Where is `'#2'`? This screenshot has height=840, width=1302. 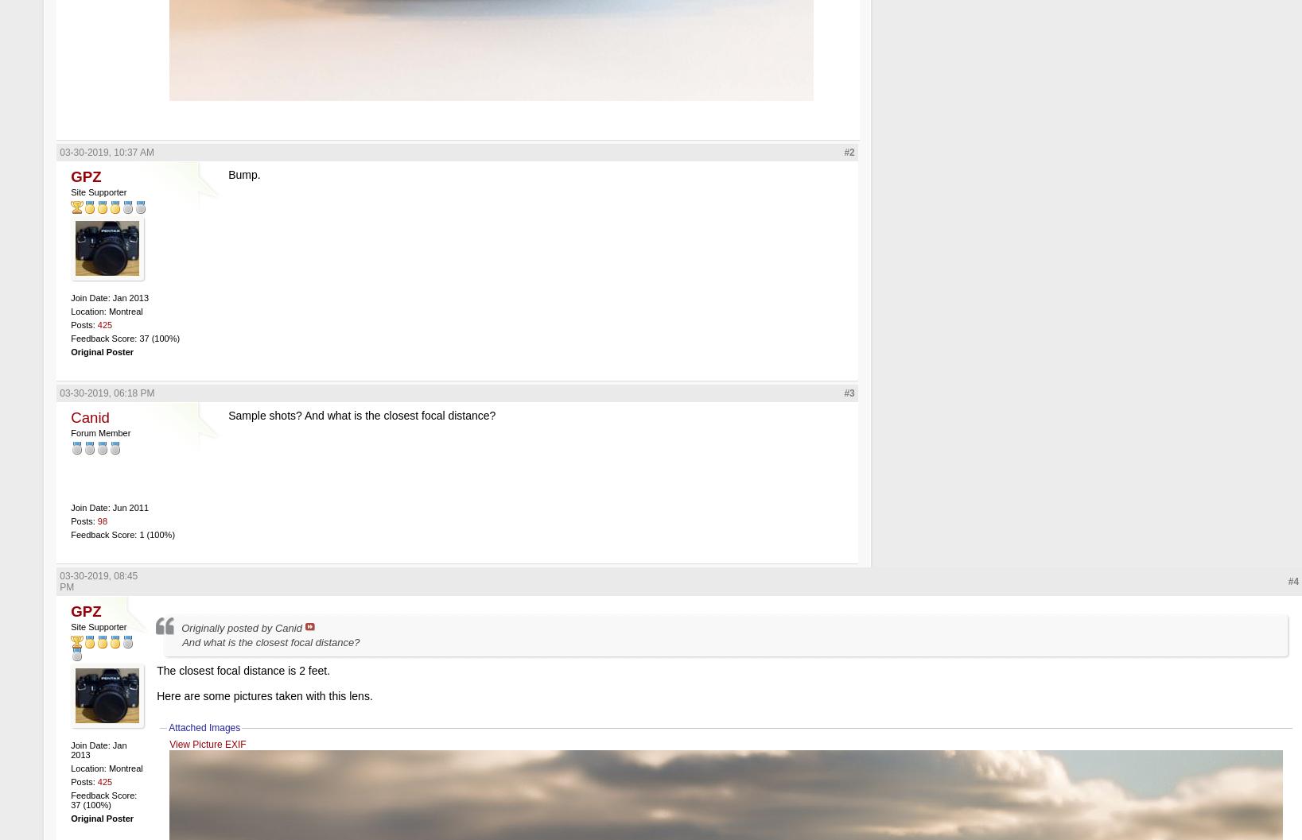
'#2' is located at coordinates (848, 152).